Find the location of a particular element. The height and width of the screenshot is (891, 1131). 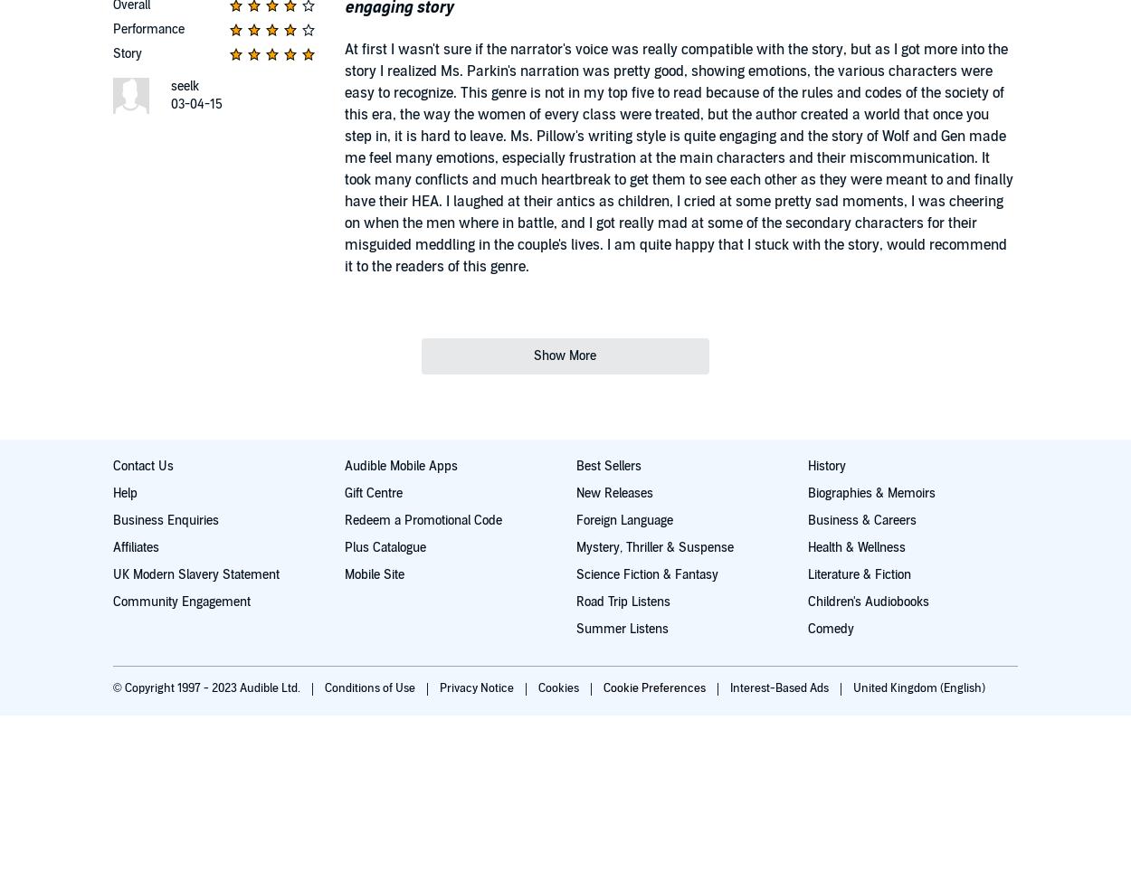

'Show More' is located at coordinates (564, 355).